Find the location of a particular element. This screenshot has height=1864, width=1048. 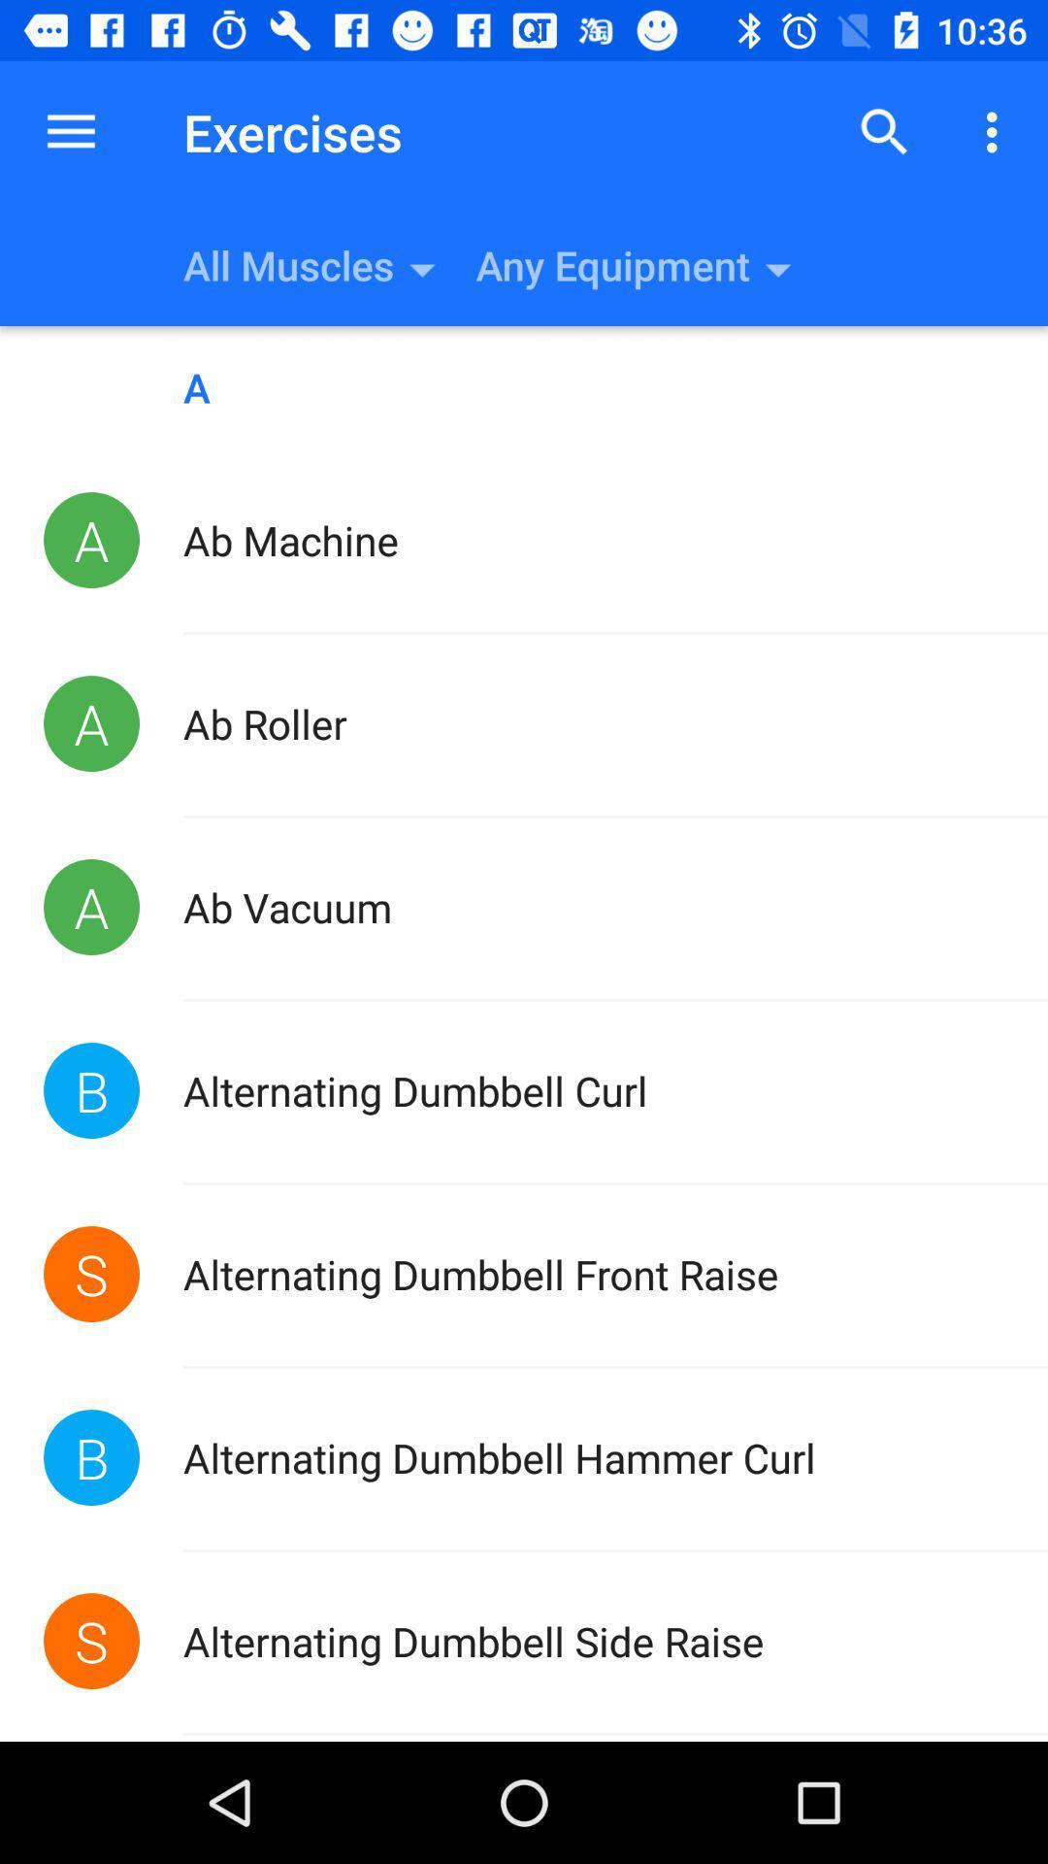

the item to the left of exercises item is located at coordinates (70, 131).